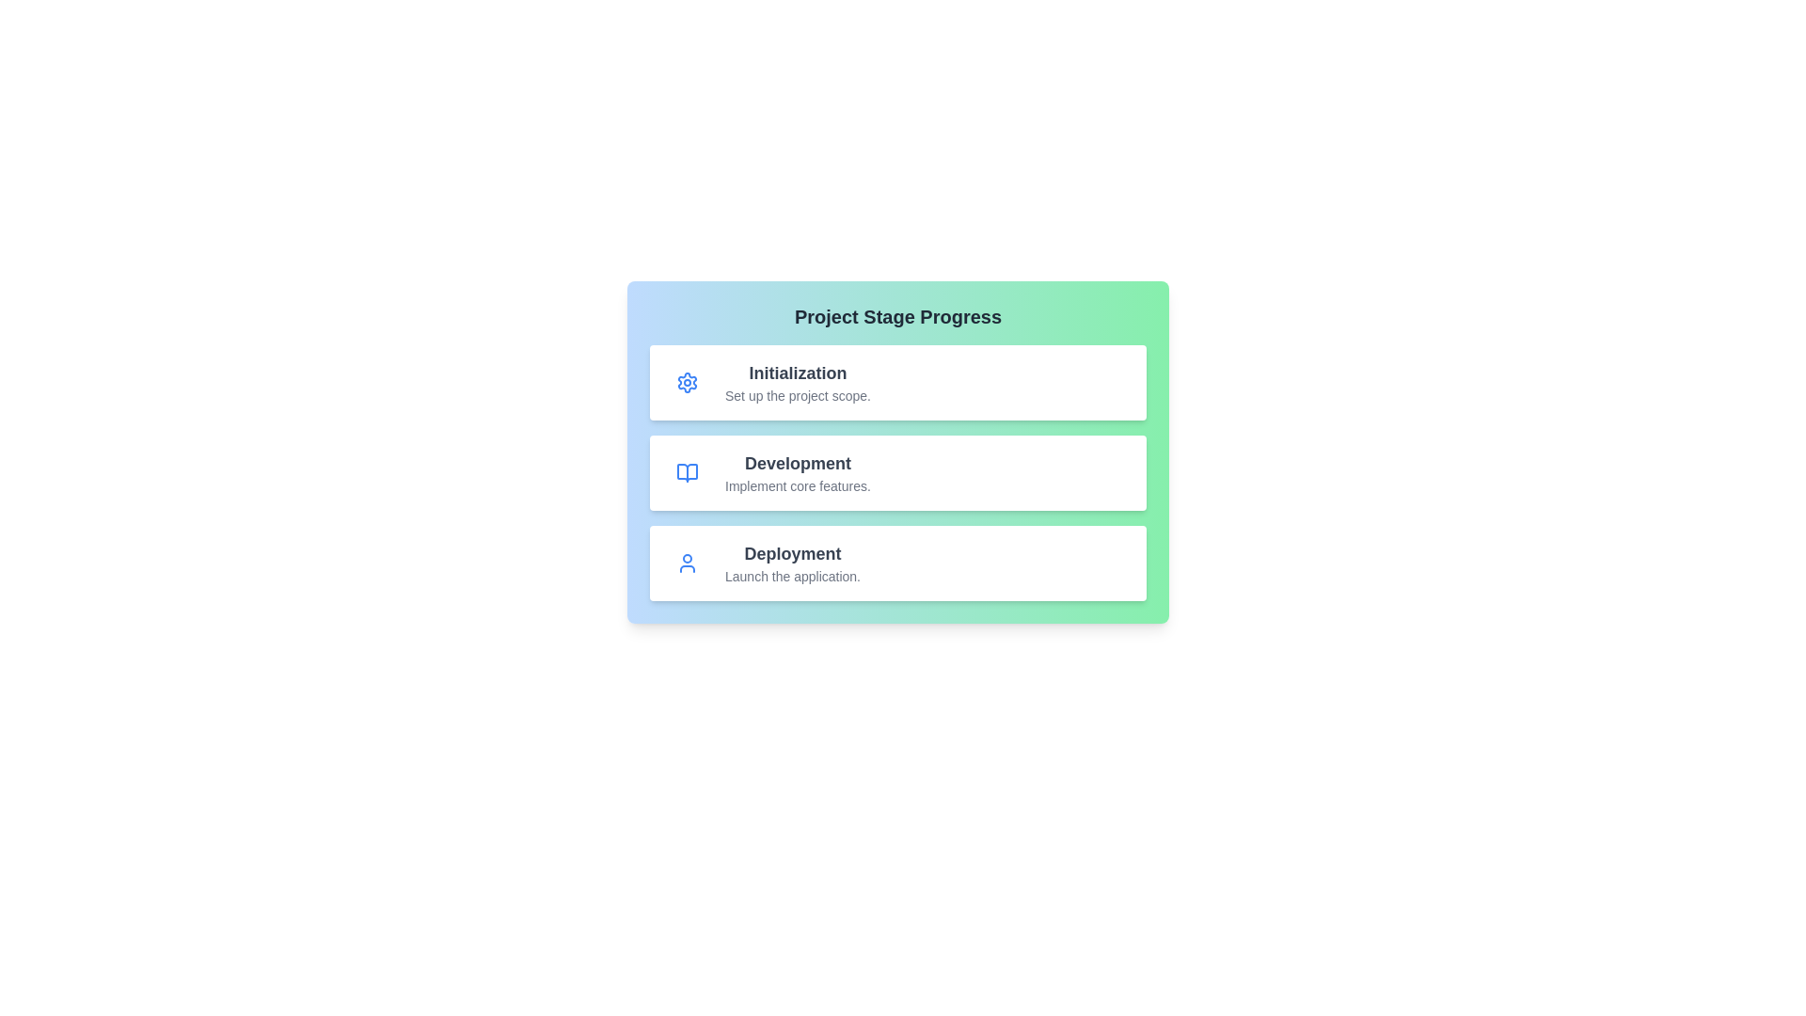 The image size is (1806, 1016). Describe the element at coordinates (686, 471) in the screenshot. I see `the 'Development' phase icon in the project stage progress indicator, located at the leftmost position within the 'Development' section, adjacent to the label text 'Development'` at that location.